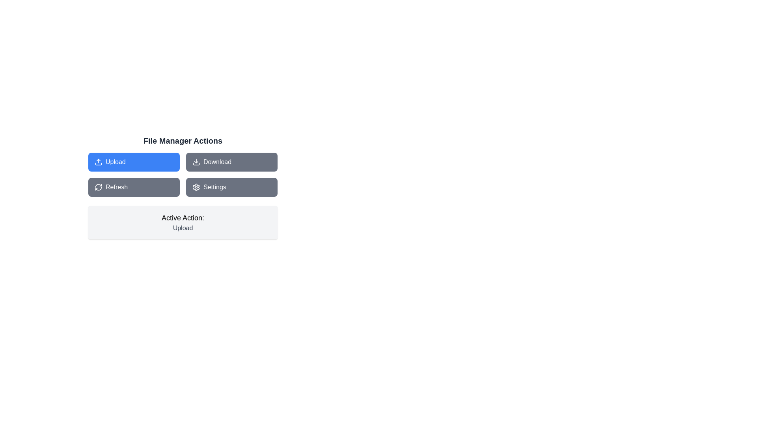 The height and width of the screenshot is (425, 757). What do you see at coordinates (98, 187) in the screenshot?
I see `the refresh icon, which resembles two circular arrows forming a continuous loop and is located within the 'Refresh' button in the action menu` at bounding box center [98, 187].